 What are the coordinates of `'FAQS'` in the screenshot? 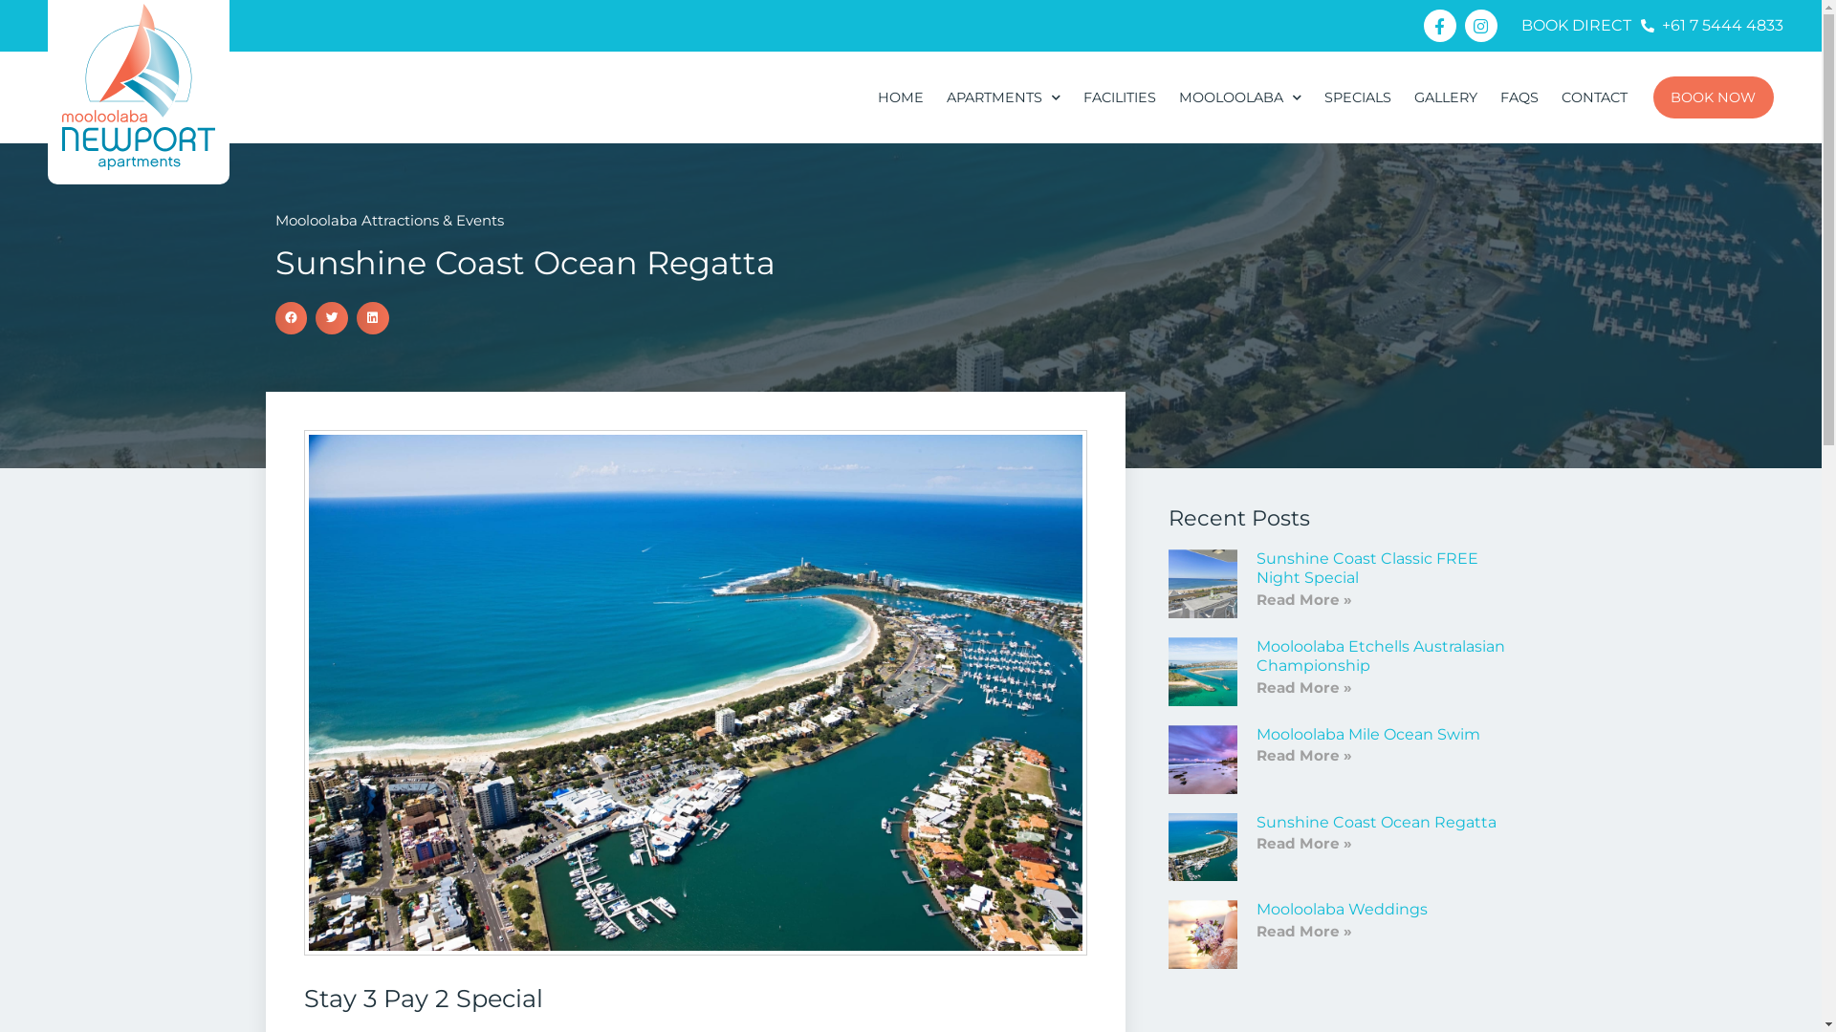 It's located at (1518, 97).